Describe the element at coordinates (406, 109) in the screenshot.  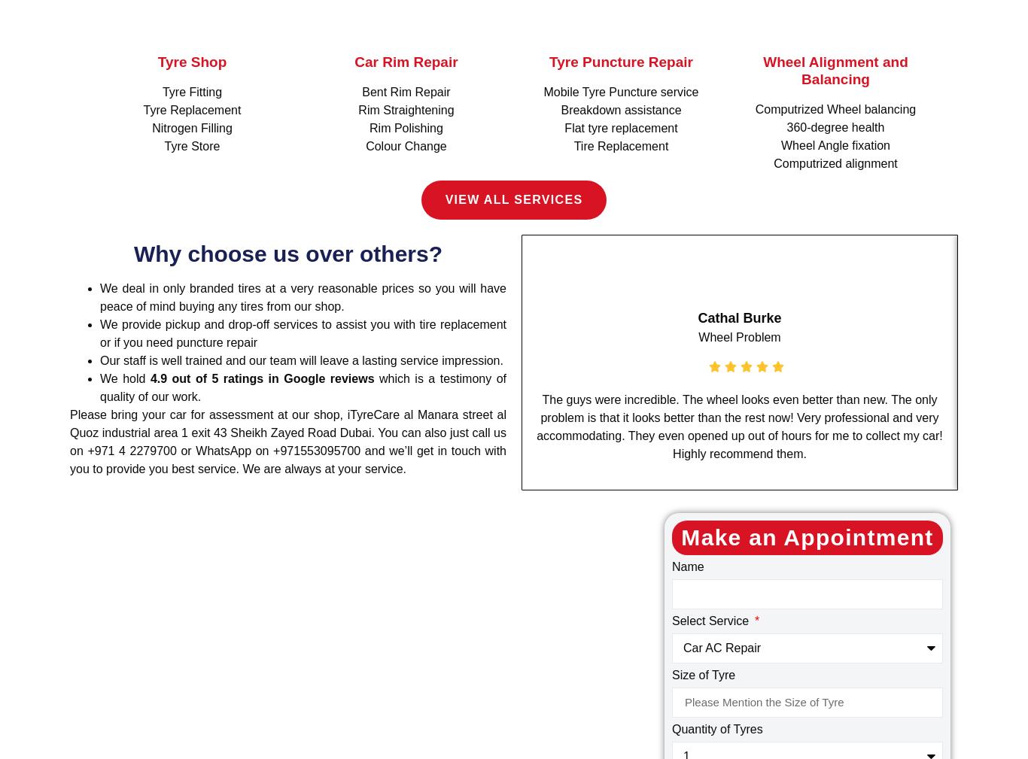
I see `'Rim Straightening'` at that location.